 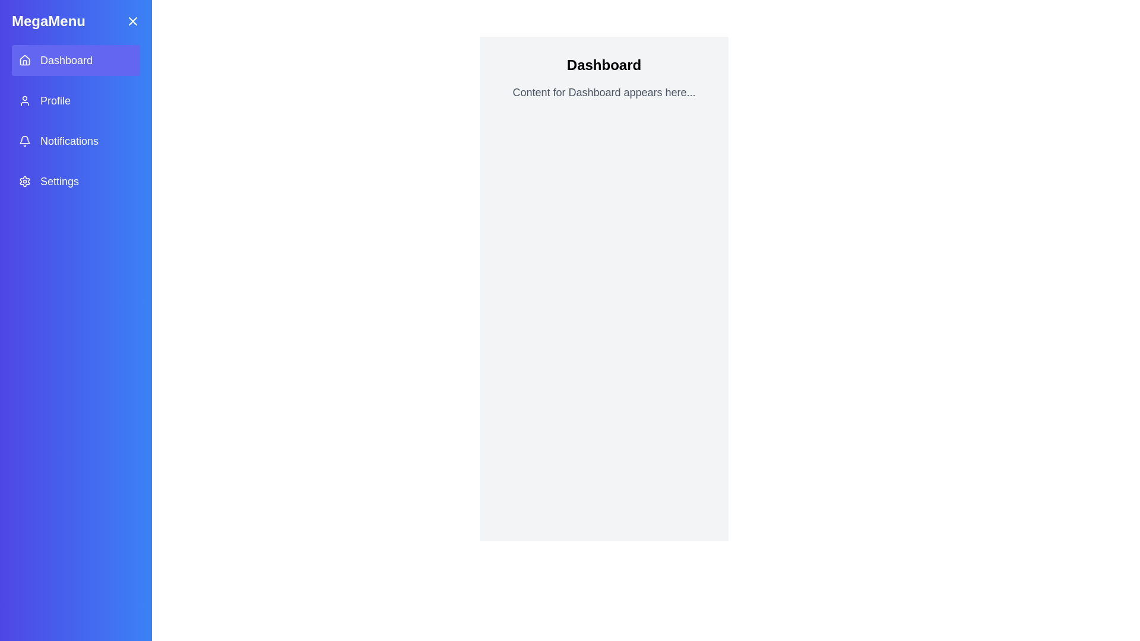 What do you see at coordinates (604, 91) in the screenshot?
I see `the text element that reads 'Content for Dashboard appears here...' which is styled in gray font and located below the 'Dashboard' text` at bounding box center [604, 91].